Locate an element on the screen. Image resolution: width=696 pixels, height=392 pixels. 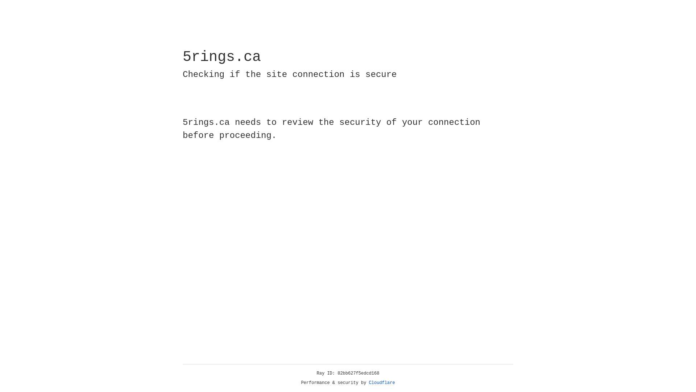
'Cloudflare' is located at coordinates (382, 383).